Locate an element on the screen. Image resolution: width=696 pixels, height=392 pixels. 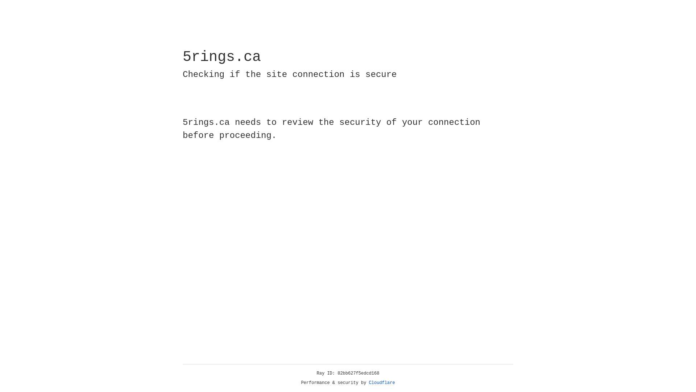
'Cloudflare' is located at coordinates (382, 383).